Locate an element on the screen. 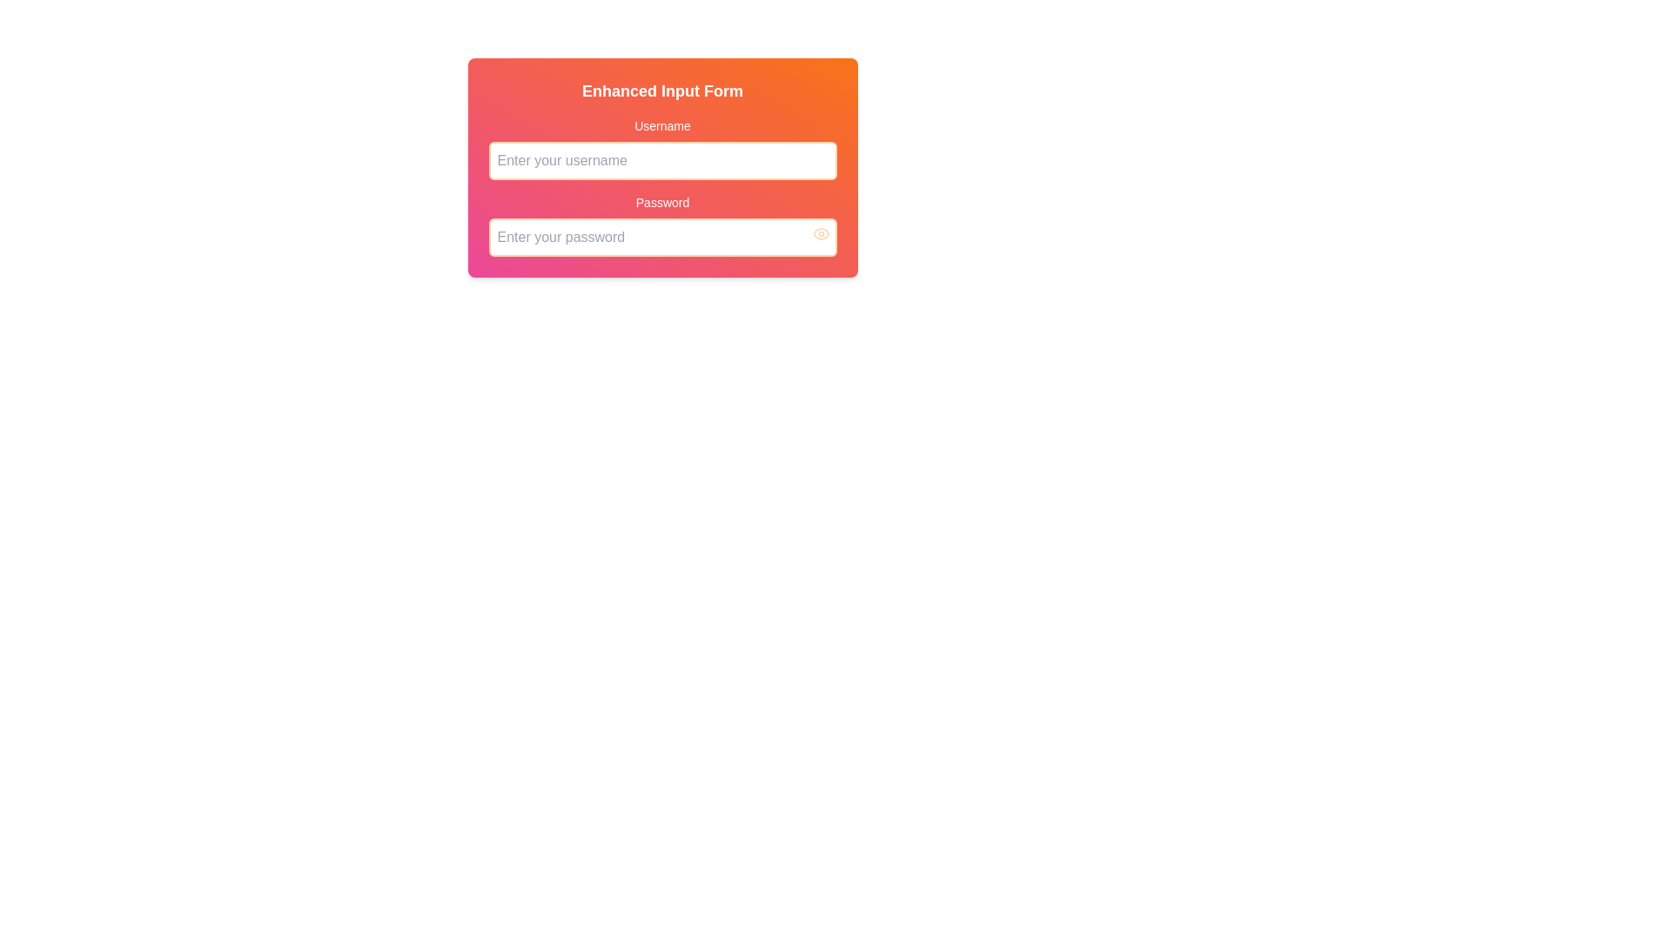 The height and width of the screenshot is (940, 1671). the visibility toggle button located at the top-right corner of the password input field to switch the input from obscured dots to plaintext or vice versa is located at coordinates (820, 233).